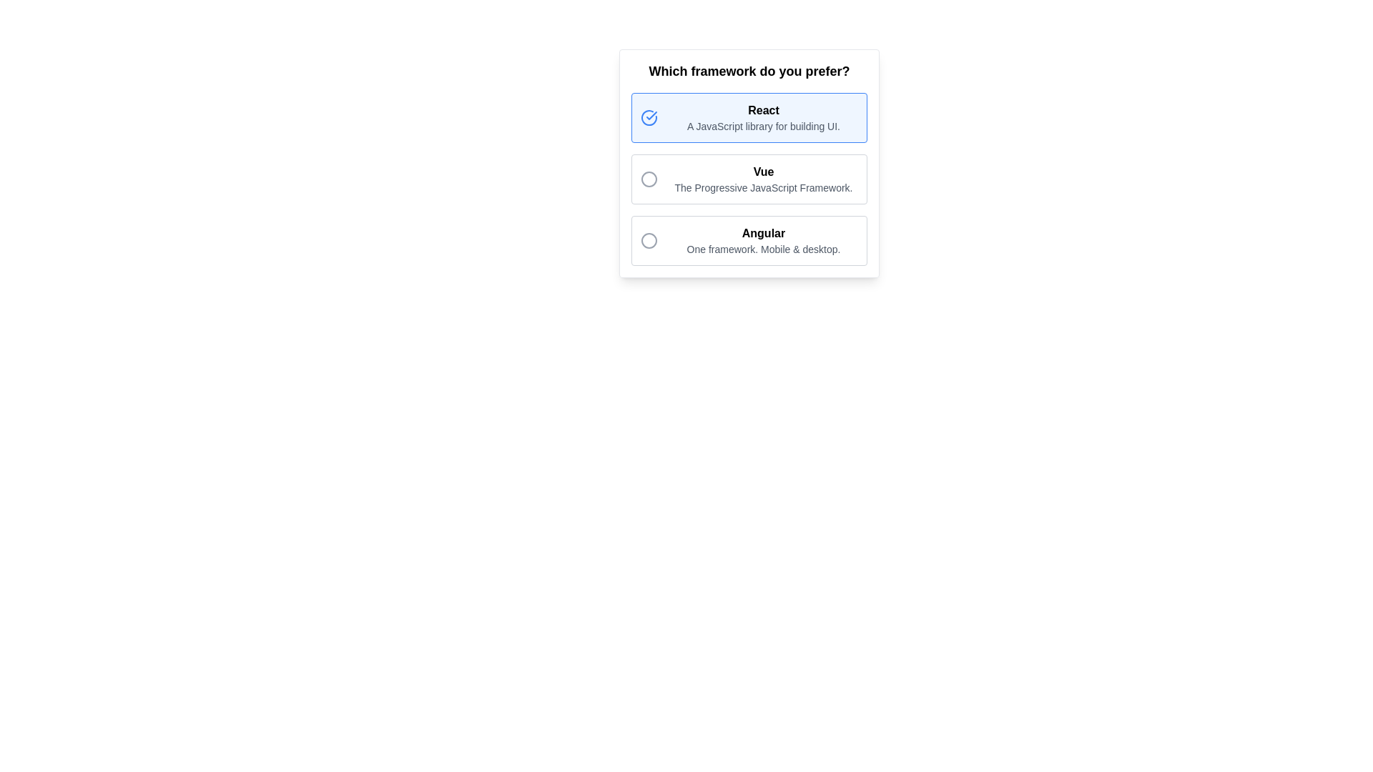 The width and height of the screenshot is (1373, 772). What do you see at coordinates (648, 117) in the screenshot?
I see `the circular blue check-mark icon representing the selection state next to the 'React' option in the first choice card of the multiple-choice selection menu` at bounding box center [648, 117].